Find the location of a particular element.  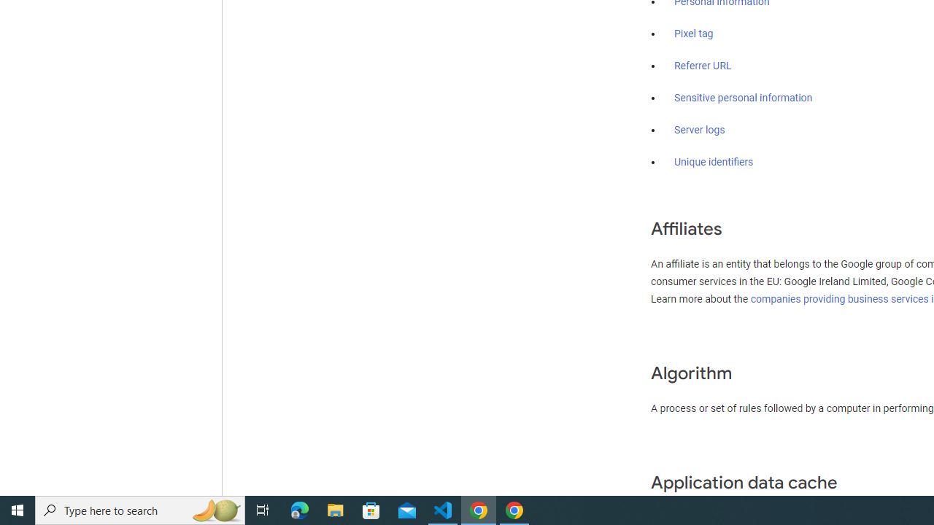

'Pixel tag' is located at coordinates (693, 34).